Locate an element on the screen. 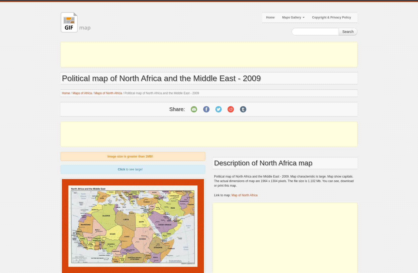 The width and height of the screenshot is (418, 273). 'Image size is greater than 1MB!' is located at coordinates (130, 156).